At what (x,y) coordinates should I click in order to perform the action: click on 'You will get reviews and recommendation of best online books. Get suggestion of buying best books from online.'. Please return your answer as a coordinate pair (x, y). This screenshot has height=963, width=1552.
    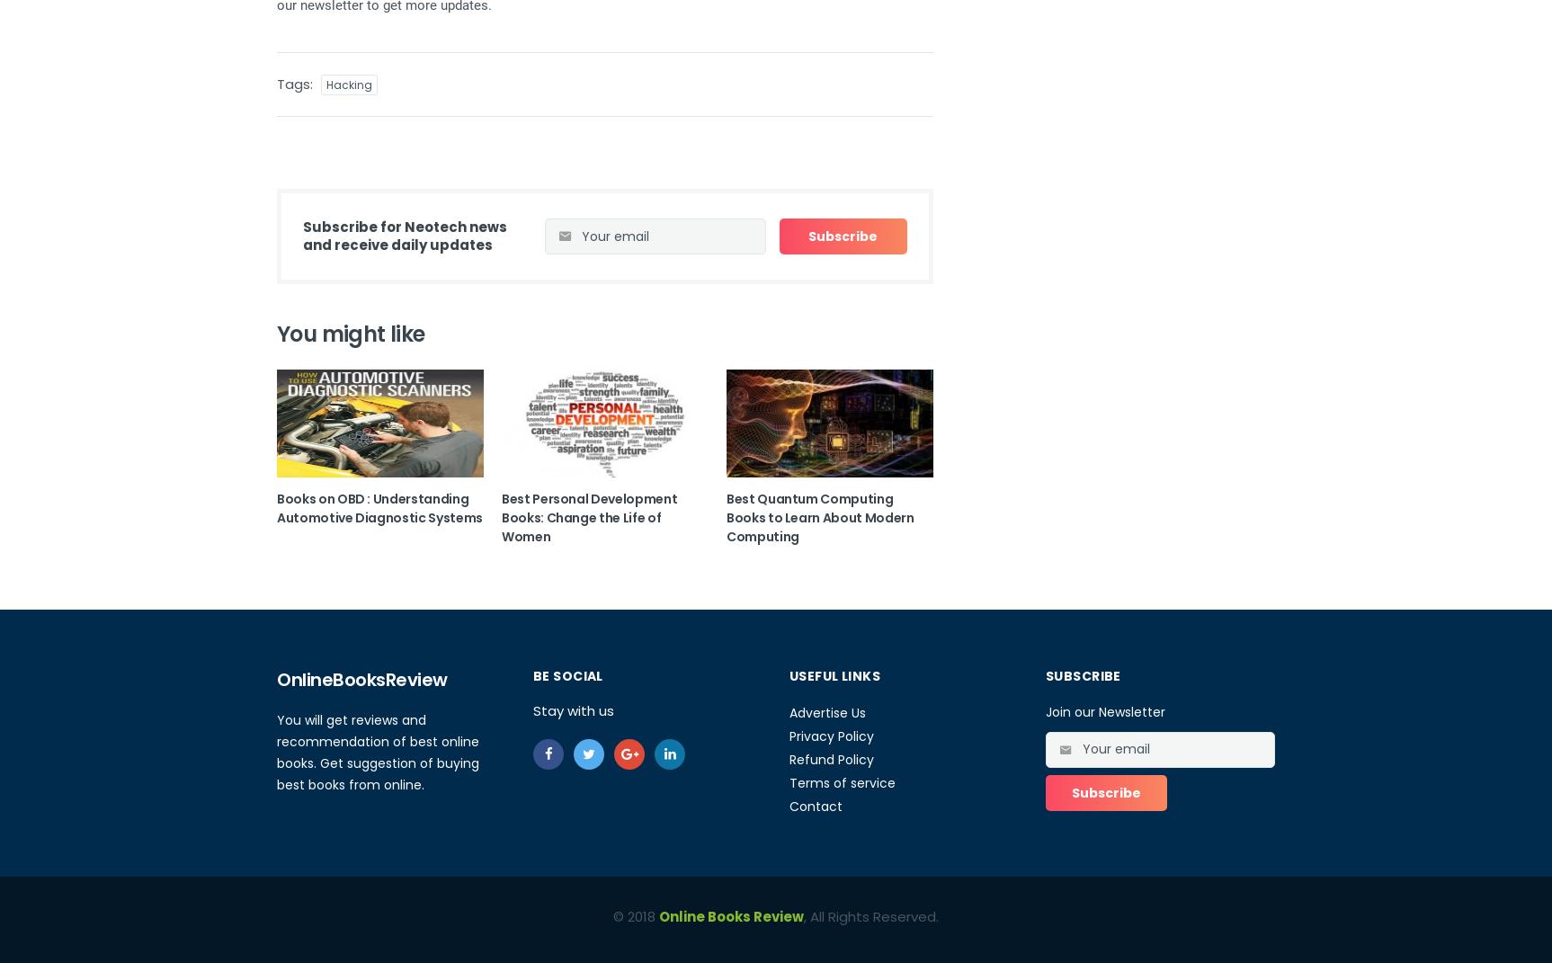
    Looking at the image, I should click on (378, 751).